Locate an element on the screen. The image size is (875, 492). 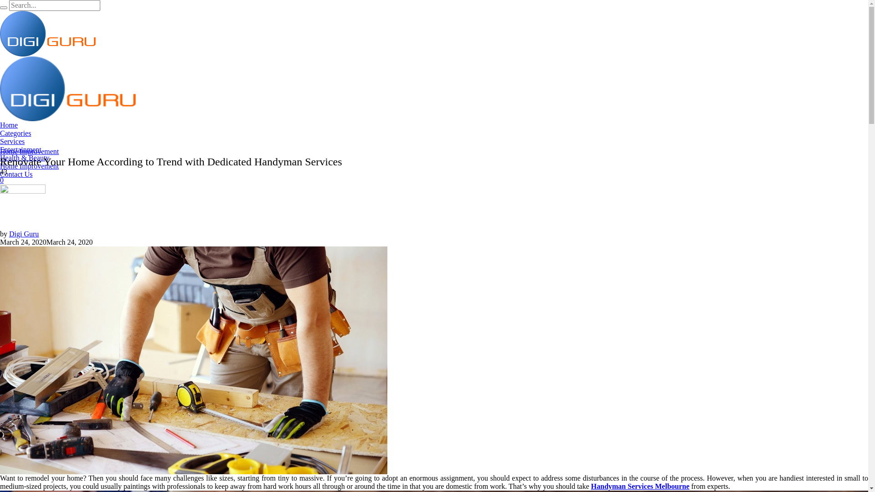
'Health & Beauty' is located at coordinates (24, 157).